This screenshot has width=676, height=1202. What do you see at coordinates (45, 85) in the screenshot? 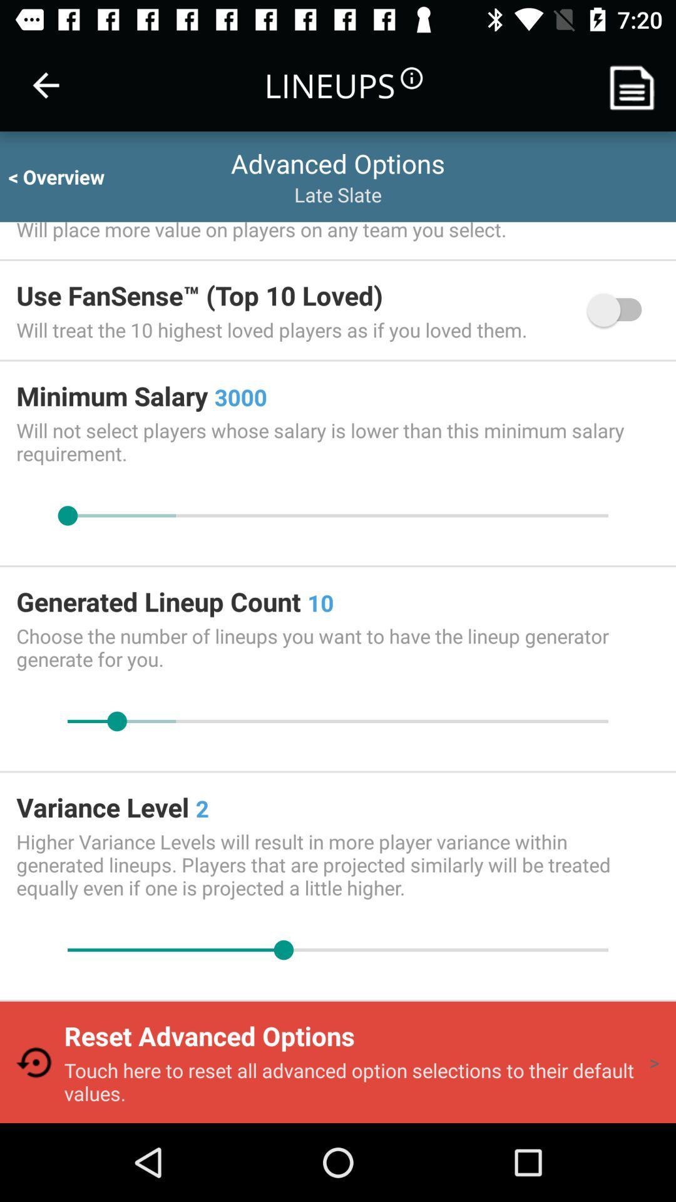
I see `icon next to the lineups item` at bounding box center [45, 85].